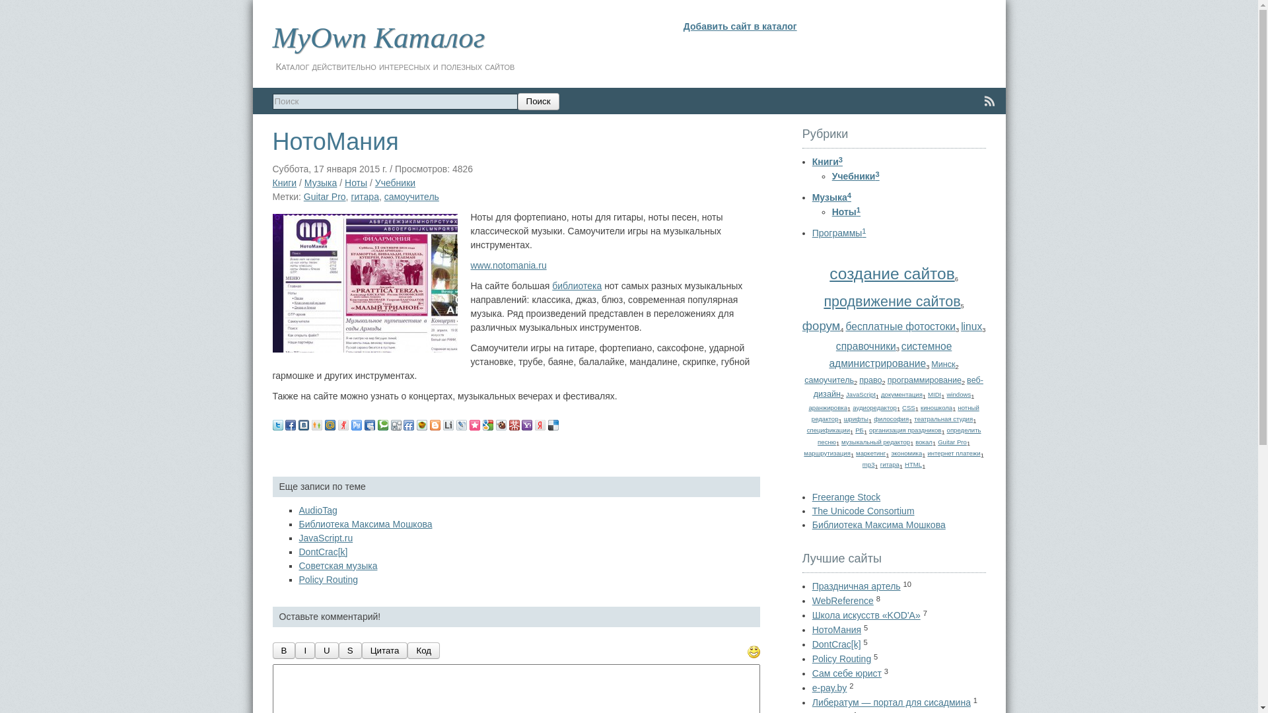 This screenshot has height=713, width=1268. I want to click on 'AudioTag', so click(317, 509).